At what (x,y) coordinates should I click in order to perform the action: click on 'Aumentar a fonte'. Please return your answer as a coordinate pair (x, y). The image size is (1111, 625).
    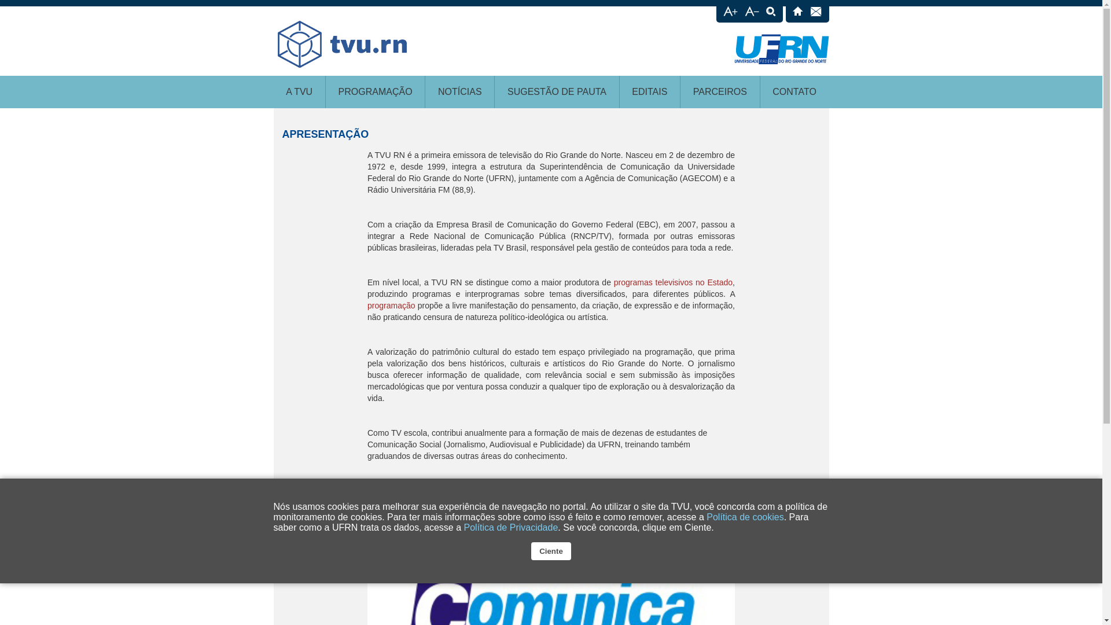
    Looking at the image, I should click on (730, 13).